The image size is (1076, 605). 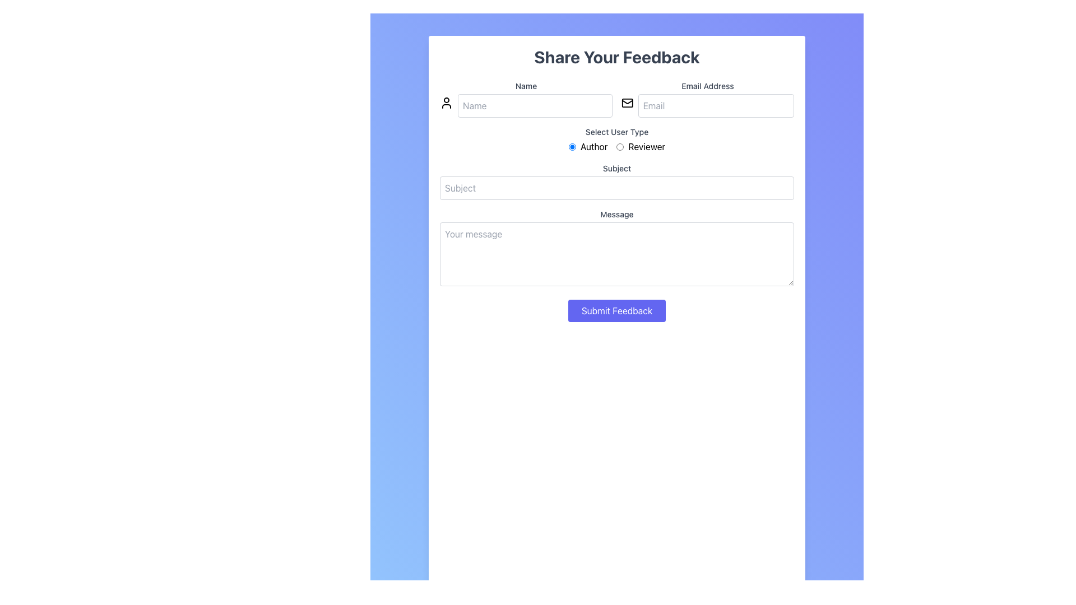 I want to click on the static text label that identifies the 'Reviewer' user type, located to the right of the corresponding radio button under the 'Select User Type' heading on the feedback form, so click(x=647, y=146).